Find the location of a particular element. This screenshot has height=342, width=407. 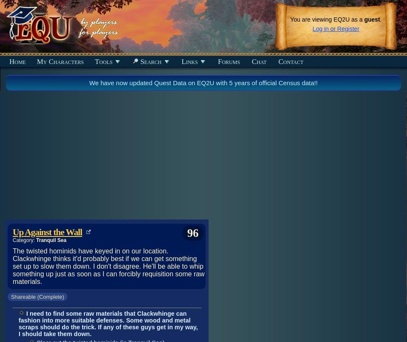

'Recipes' is located at coordinates (17, 93).